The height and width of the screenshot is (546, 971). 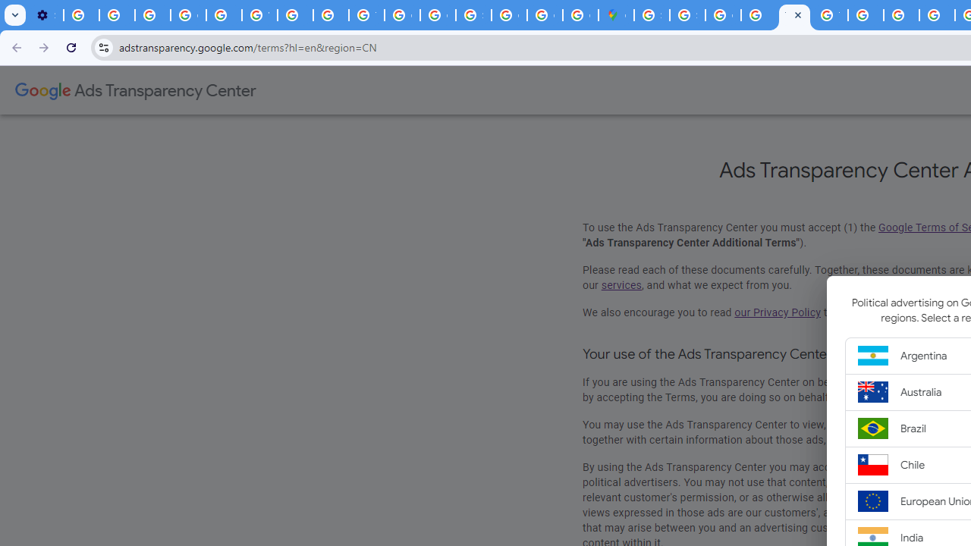 What do you see at coordinates (866, 15) in the screenshot?
I see `'Blogger Policies and Guidelines - Transparency Center'` at bounding box center [866, 15].